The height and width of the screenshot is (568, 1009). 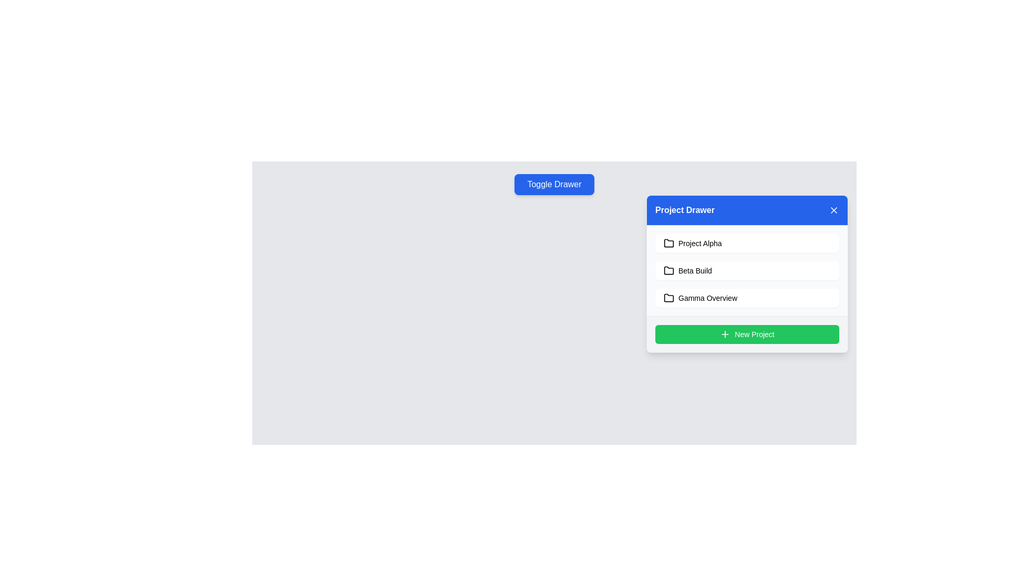 I want to click on the folder icon located to the left of the 'Gamma Overview' text in the drawer interface, so click(x=668, y=298).